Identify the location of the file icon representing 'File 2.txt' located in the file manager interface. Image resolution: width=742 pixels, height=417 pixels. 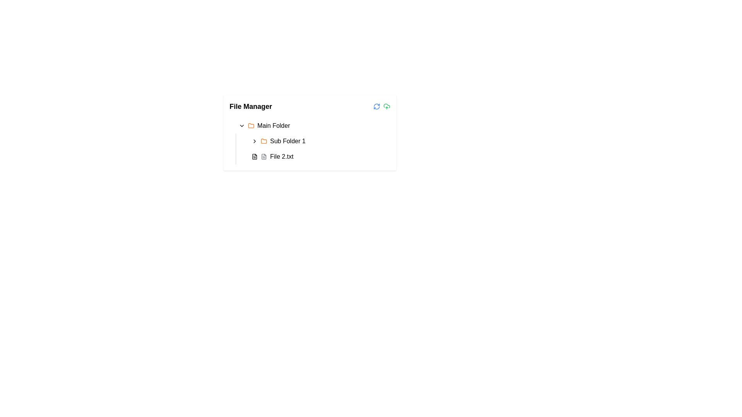
(254, 156).